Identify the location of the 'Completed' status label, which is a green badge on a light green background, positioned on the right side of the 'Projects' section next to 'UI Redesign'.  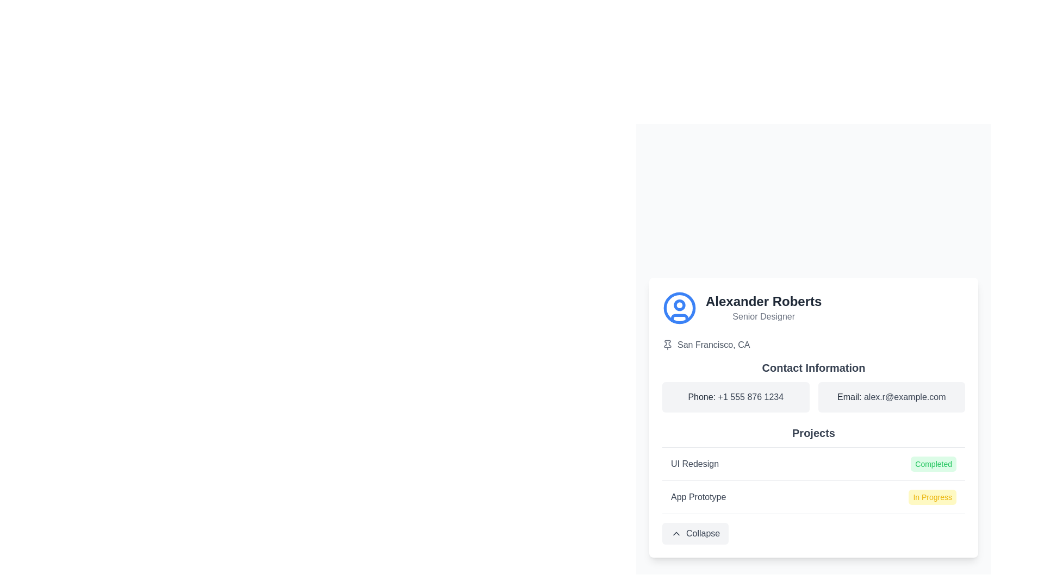
(933, 464).